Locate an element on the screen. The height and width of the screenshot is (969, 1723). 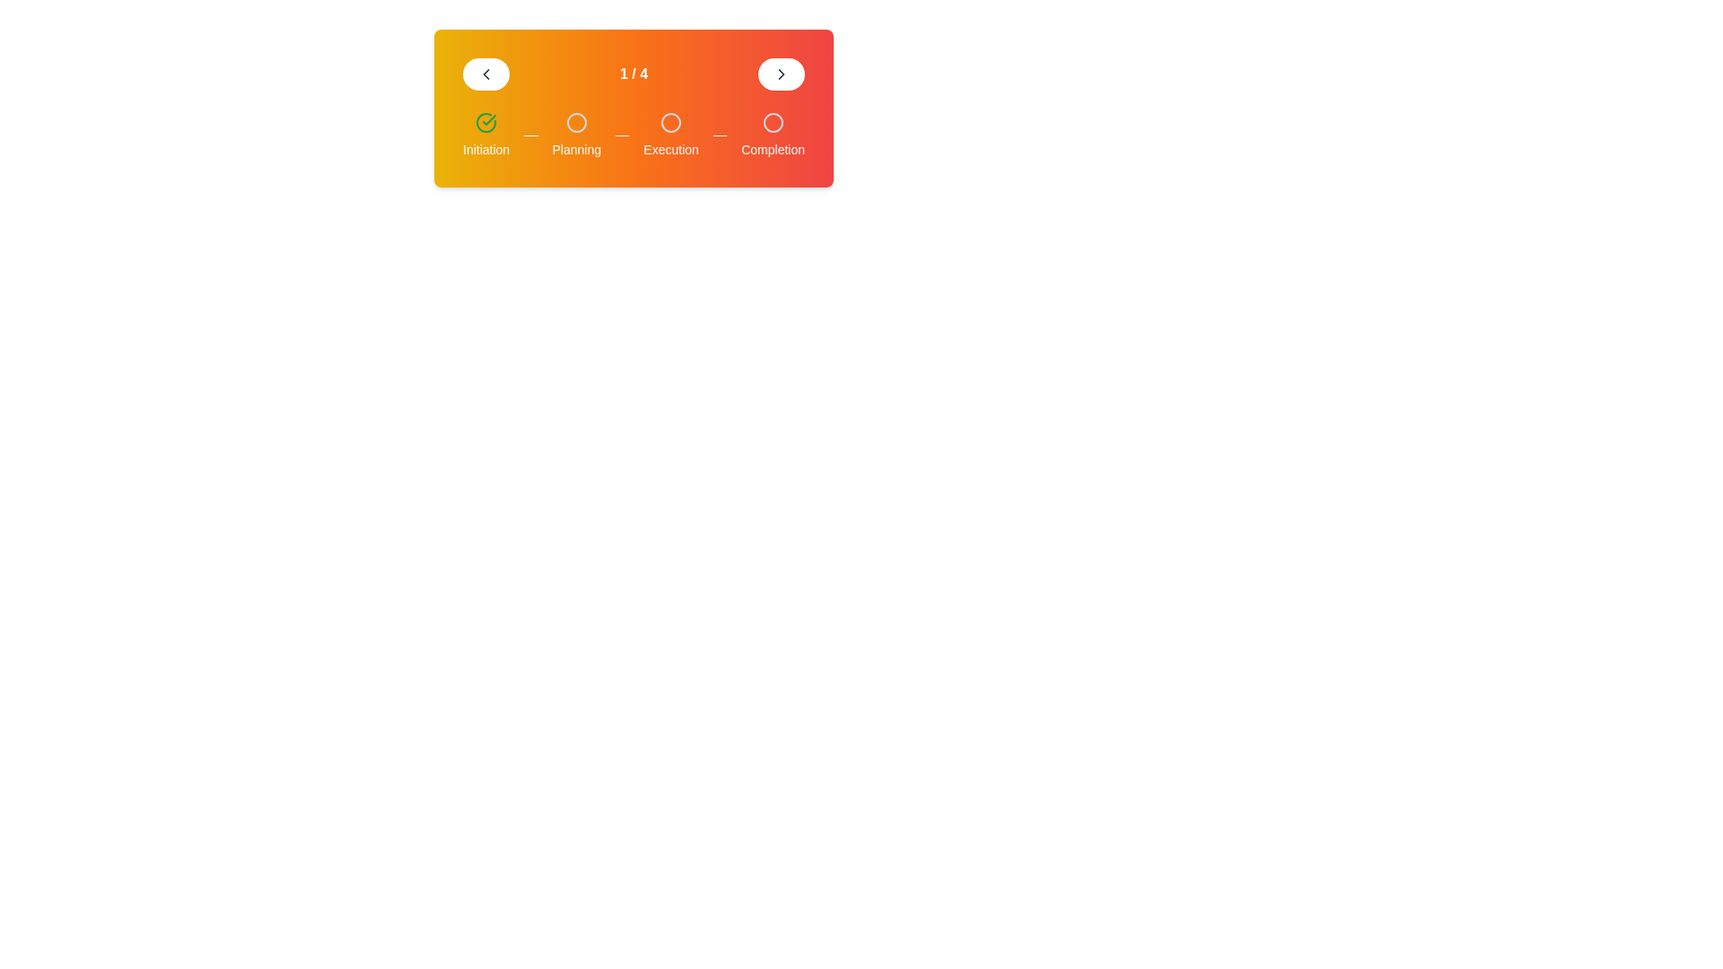
the second circular icon in the multi-step indicator sequence, which is gray-bordered and resembles an unchecked step, located near the top center of the interface is located at coordinates (576, 122).